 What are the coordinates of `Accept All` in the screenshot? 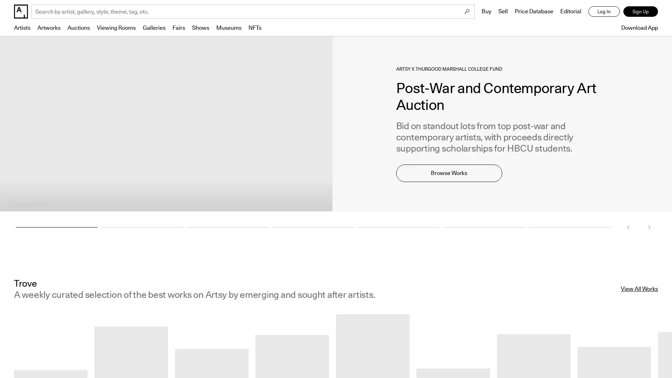 It's located at (630, 355).